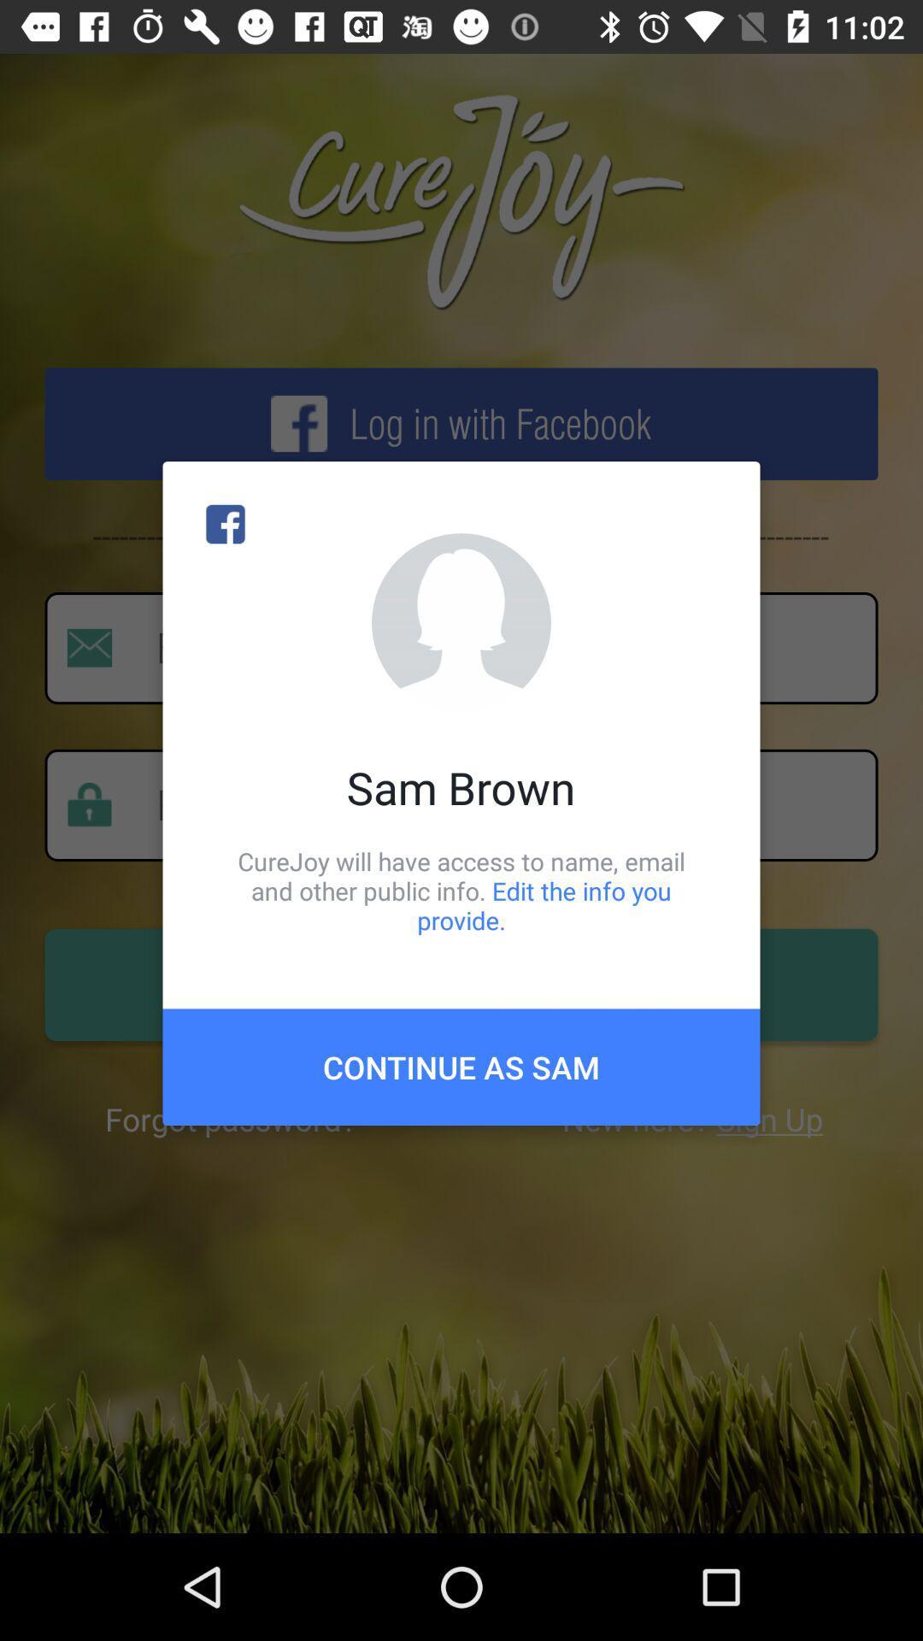 Image resolution: width=923 pixels, height=1641 pixels. I want to click on the continue as sam item, so click(461, 1066).